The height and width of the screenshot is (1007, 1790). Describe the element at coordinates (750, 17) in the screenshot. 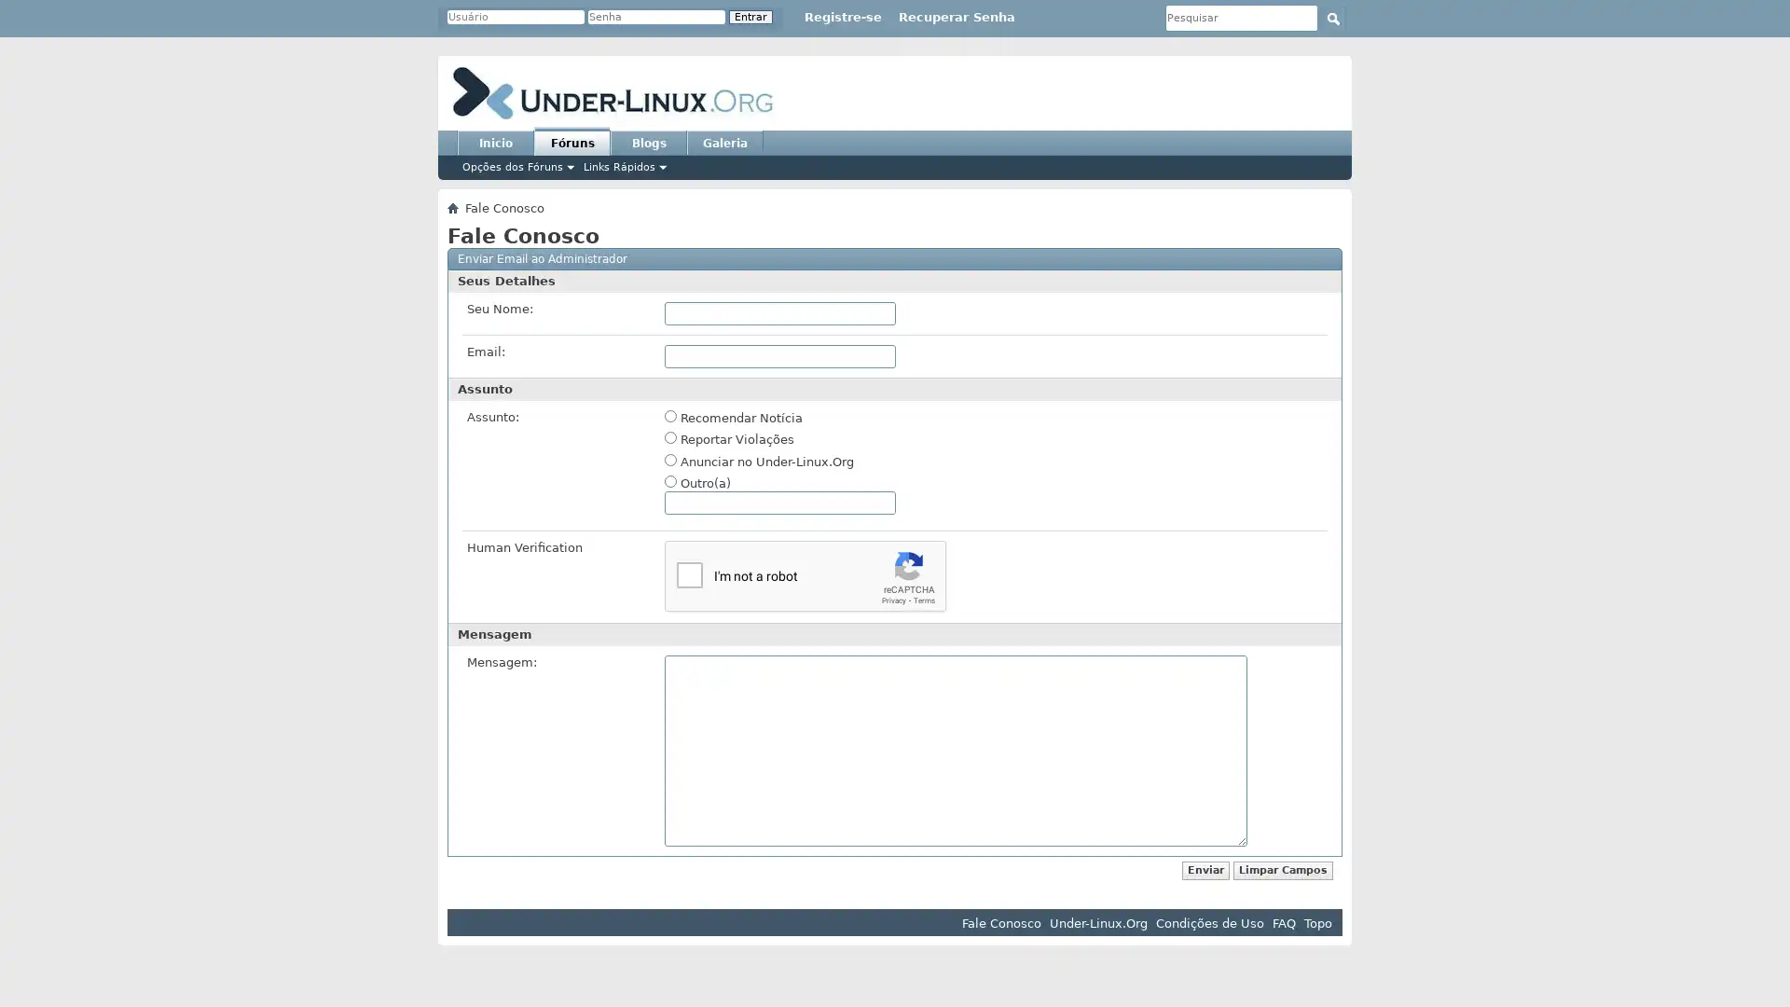

I see `Entrar` at that location.